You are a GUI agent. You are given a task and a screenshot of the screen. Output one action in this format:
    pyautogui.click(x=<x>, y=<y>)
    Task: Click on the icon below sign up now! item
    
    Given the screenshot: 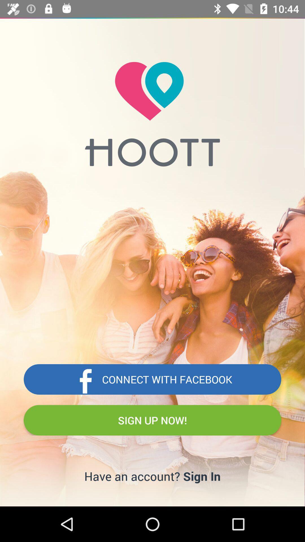 What is the action you would take?
    pyautogui.click(x=202, y=476)
    